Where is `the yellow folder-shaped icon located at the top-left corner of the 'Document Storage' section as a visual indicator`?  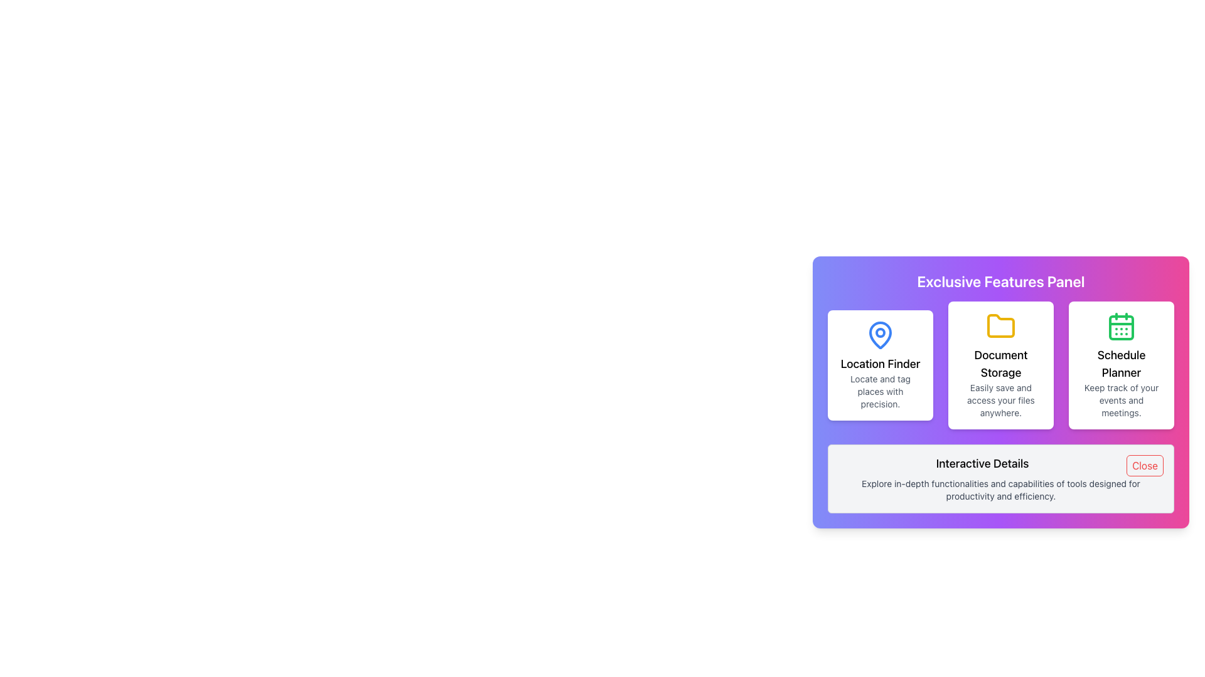 the yellow folder-shaped icon located at the top-left corner of the 'Document Storage' section as a visual indicator is located at coordinates (1000, 325).